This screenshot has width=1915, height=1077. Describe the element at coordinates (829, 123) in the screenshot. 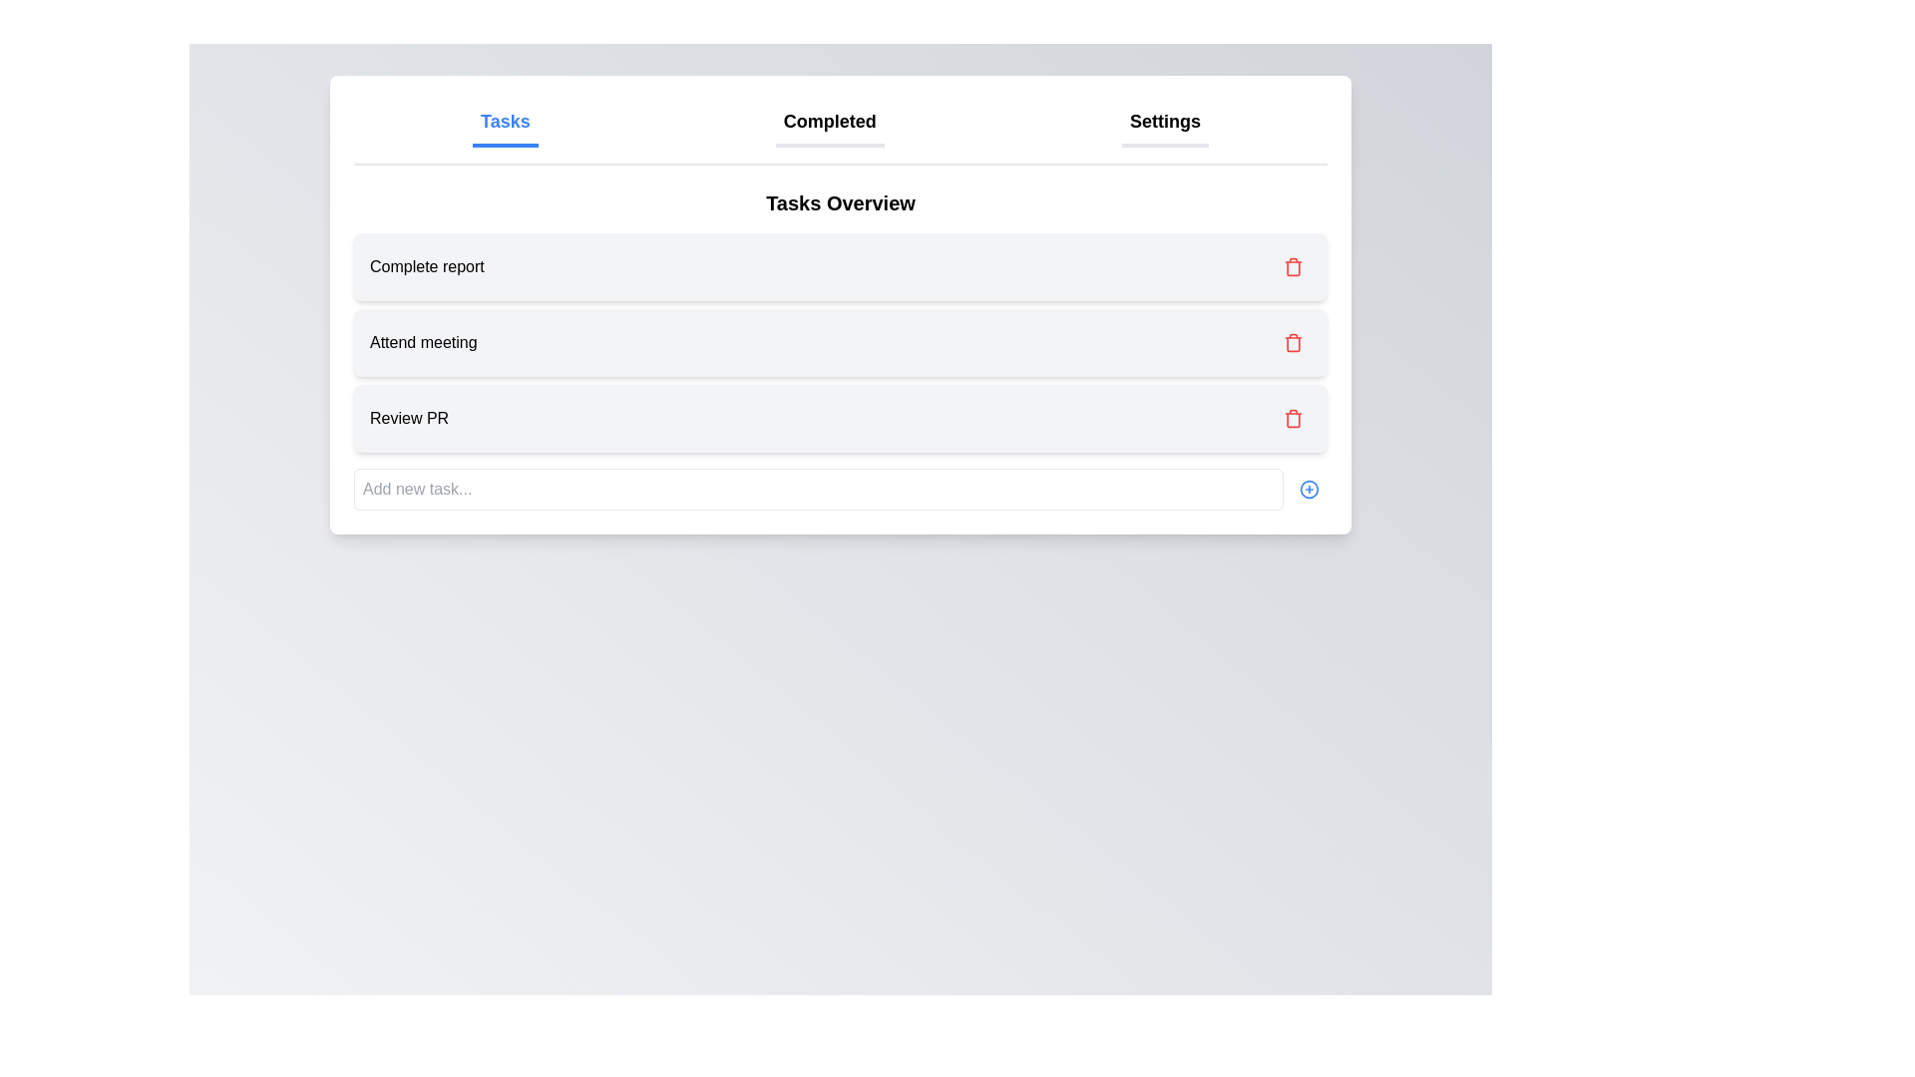

I see `the 'Completed' button, which is a bold text label located between 'Tasks' and 'Settings' at the top of the interface` at that location.